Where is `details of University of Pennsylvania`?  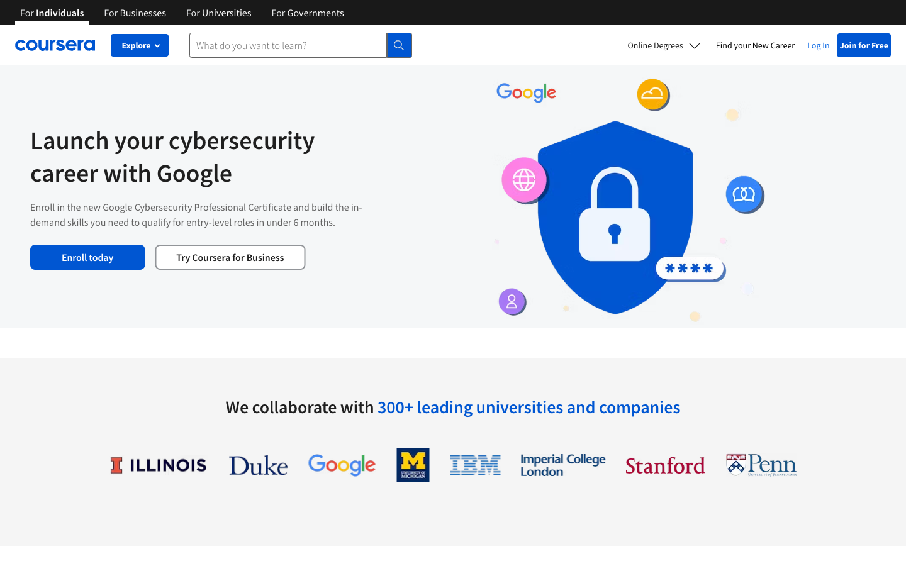 details of University of Pennsylvania is located at coordinates (761, 464).